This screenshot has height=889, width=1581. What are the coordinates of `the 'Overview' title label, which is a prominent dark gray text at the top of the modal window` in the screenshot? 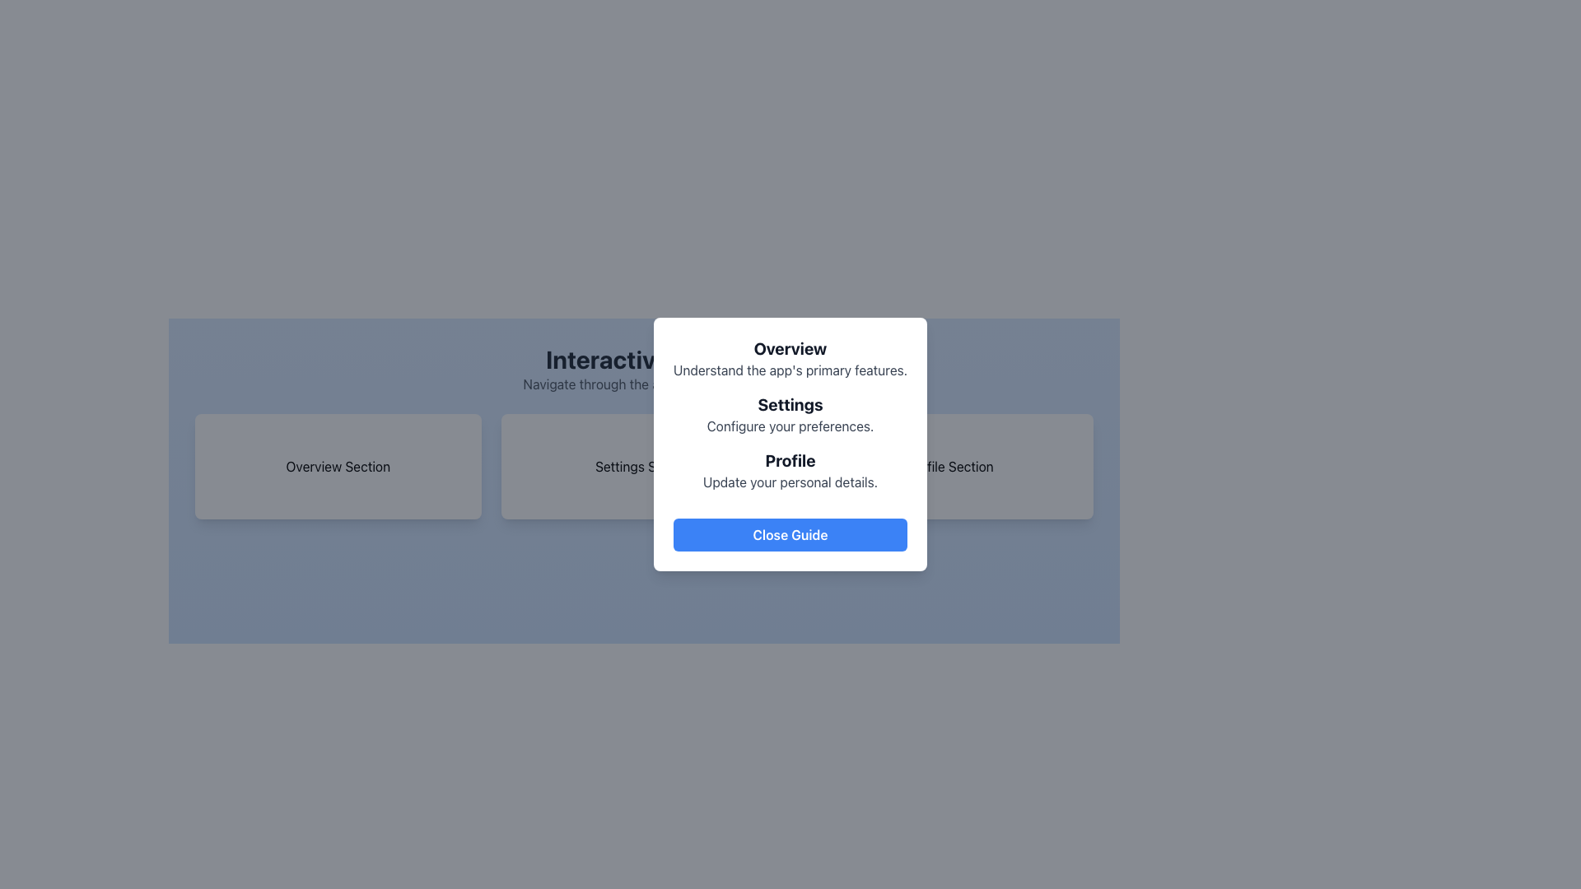 It's located at (790, 348).